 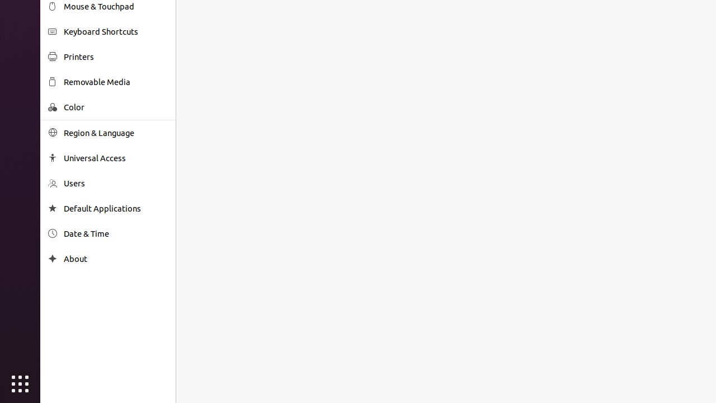 What do you see at coordinates (115, 208) in the screenshot?
I see `'Default Applications'` at bounding box center [115, 208].